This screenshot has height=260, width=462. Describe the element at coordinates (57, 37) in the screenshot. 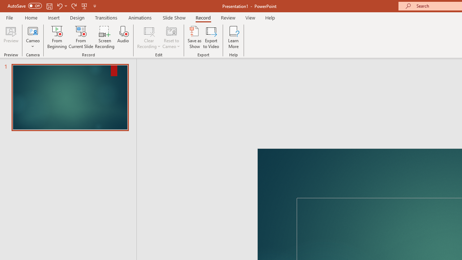

I see `'From Beginning...'` at that location.